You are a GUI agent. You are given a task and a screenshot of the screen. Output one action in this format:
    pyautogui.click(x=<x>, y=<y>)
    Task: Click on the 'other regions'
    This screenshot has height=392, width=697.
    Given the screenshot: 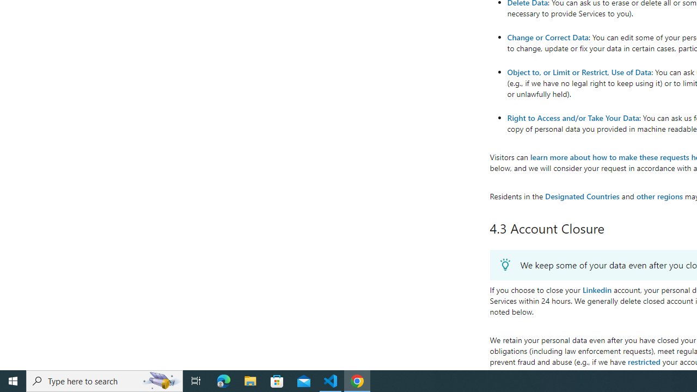 What is the action you would take?
    pyautogui.click(x=658, y=196)
    